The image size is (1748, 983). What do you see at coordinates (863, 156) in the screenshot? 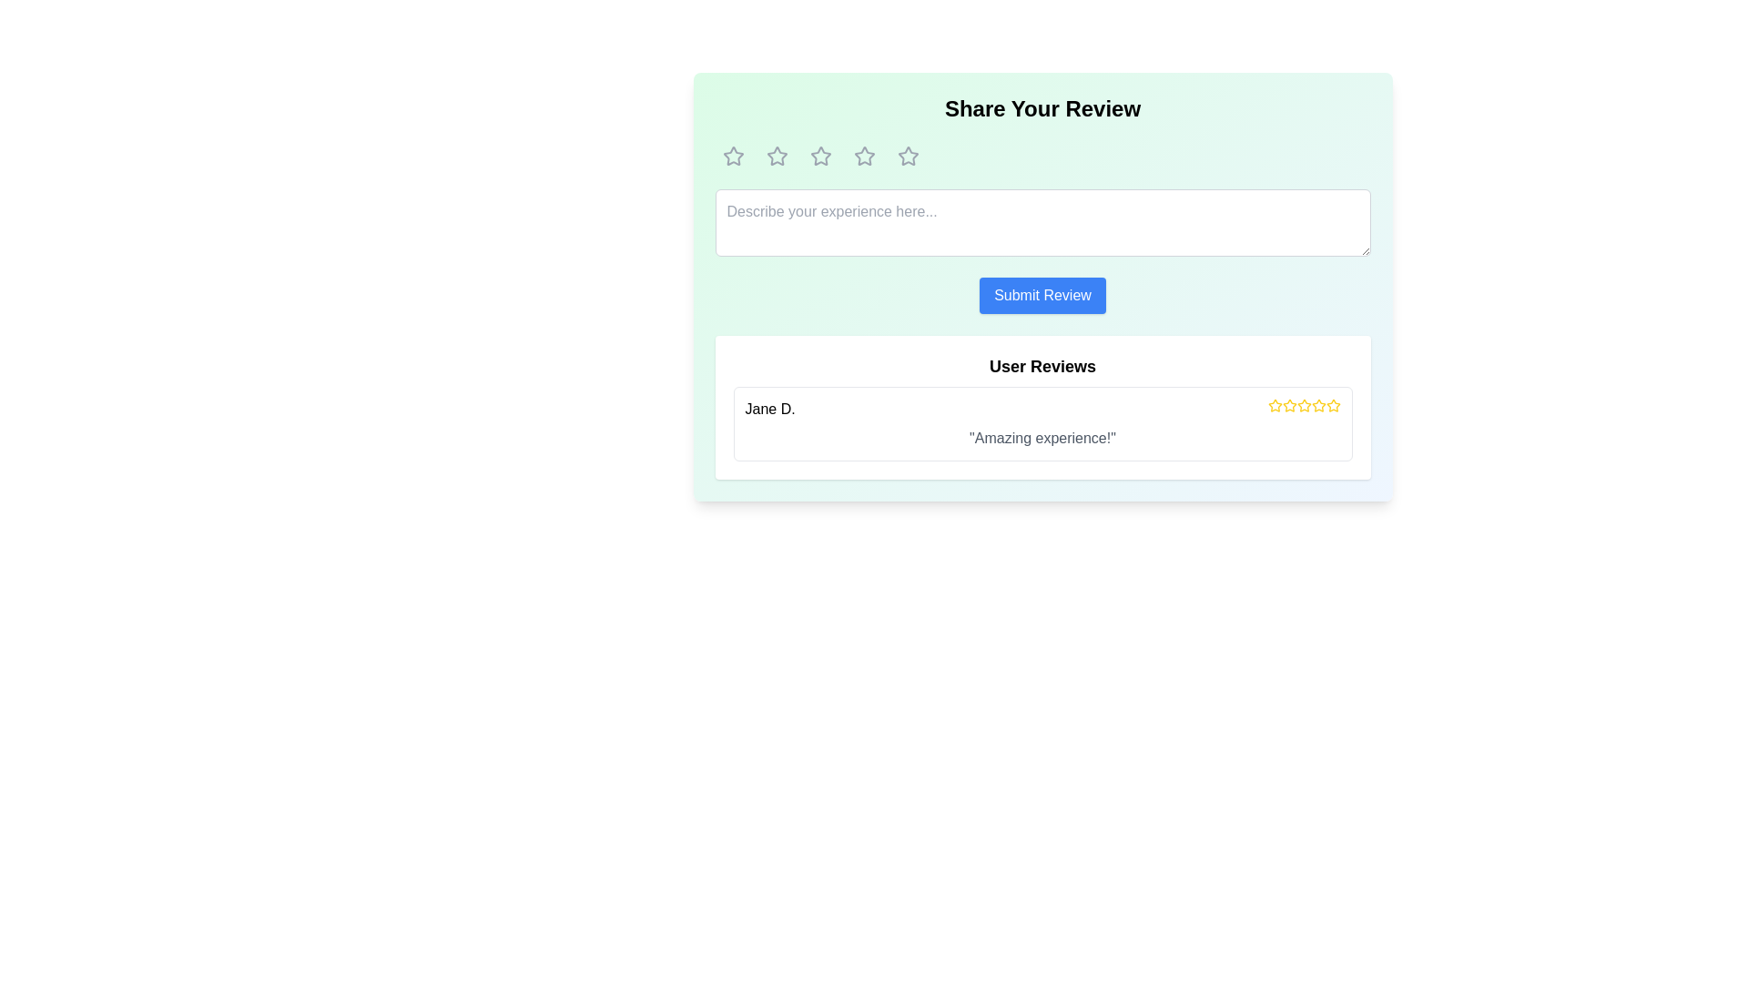
I see `the fourth star icon in a row of five stars, which is outlined and has a rounded, highlighted border, located near the top of the modal dialog box` at bounding box center [863, 156].